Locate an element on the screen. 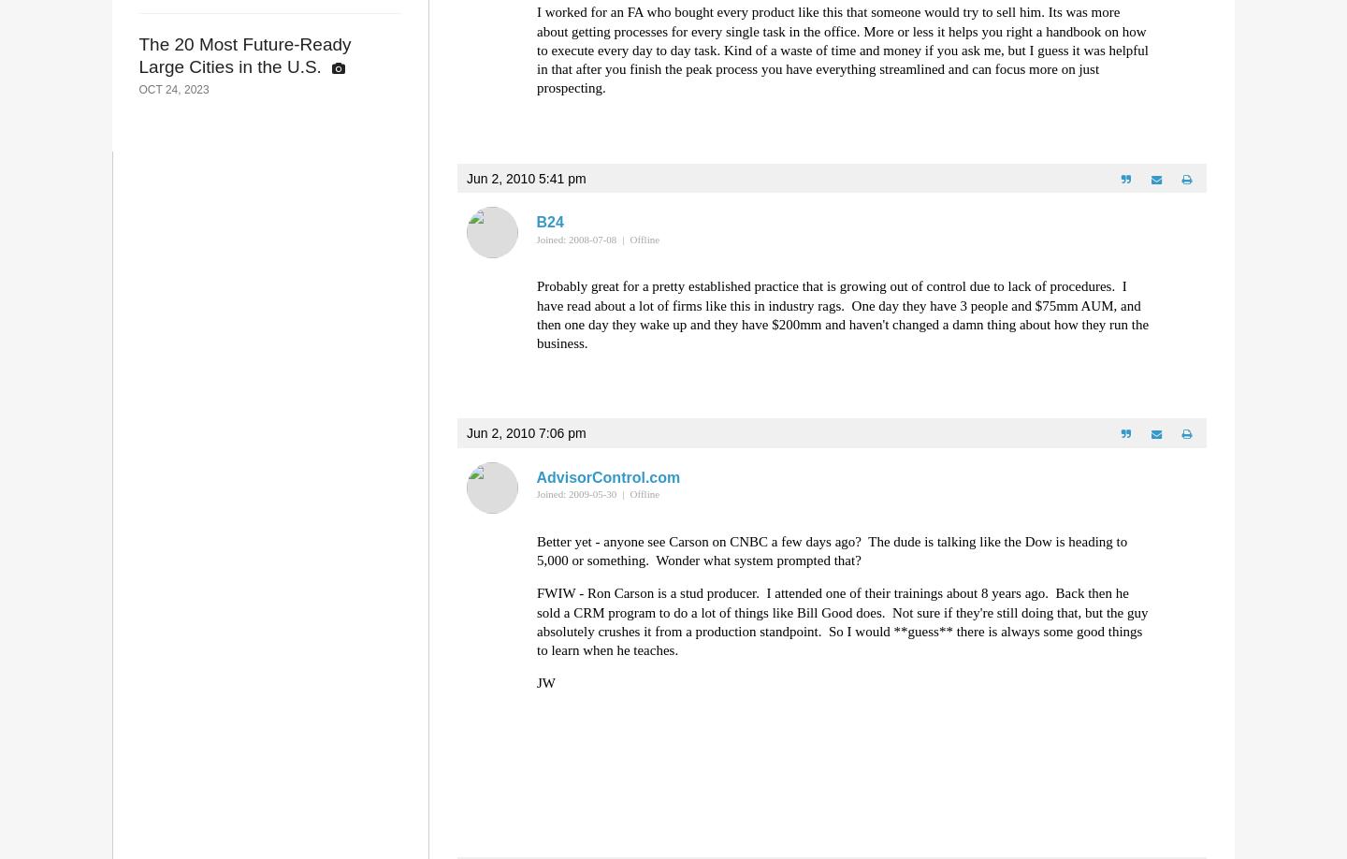 The height and width of the screenshot is (859, 1347). 'JW' is located at coordinates (546, 681).